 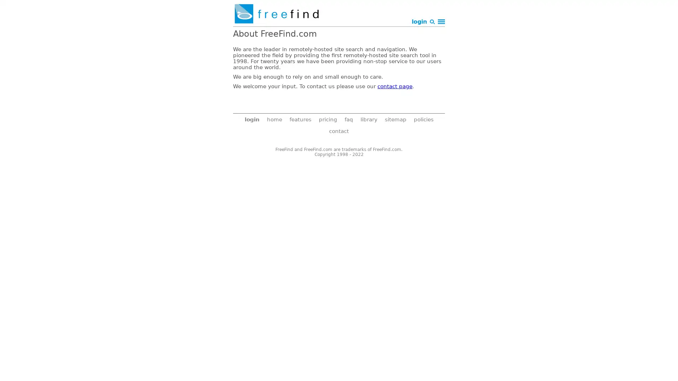 What do you see at coordinates (382, 35) in the screenshot?
I see `Search` at bounding box center [382, 35].